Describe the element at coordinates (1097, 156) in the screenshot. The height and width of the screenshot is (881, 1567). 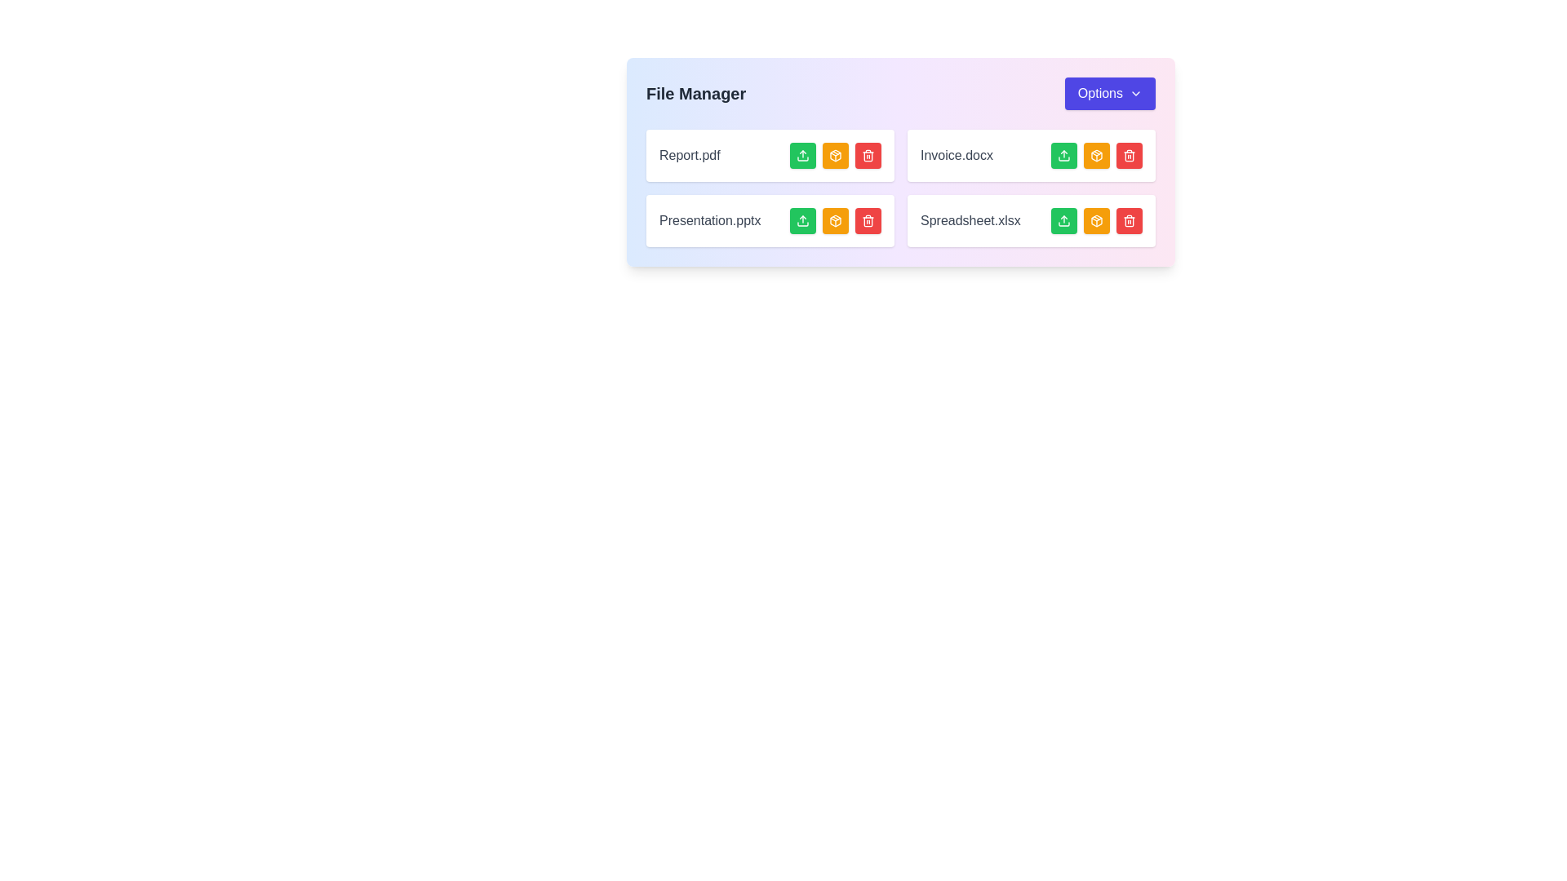
I see `the download icon associated with the 'Invoice.docx' file located in the file manager section, specifically the second action from the right` at that location.